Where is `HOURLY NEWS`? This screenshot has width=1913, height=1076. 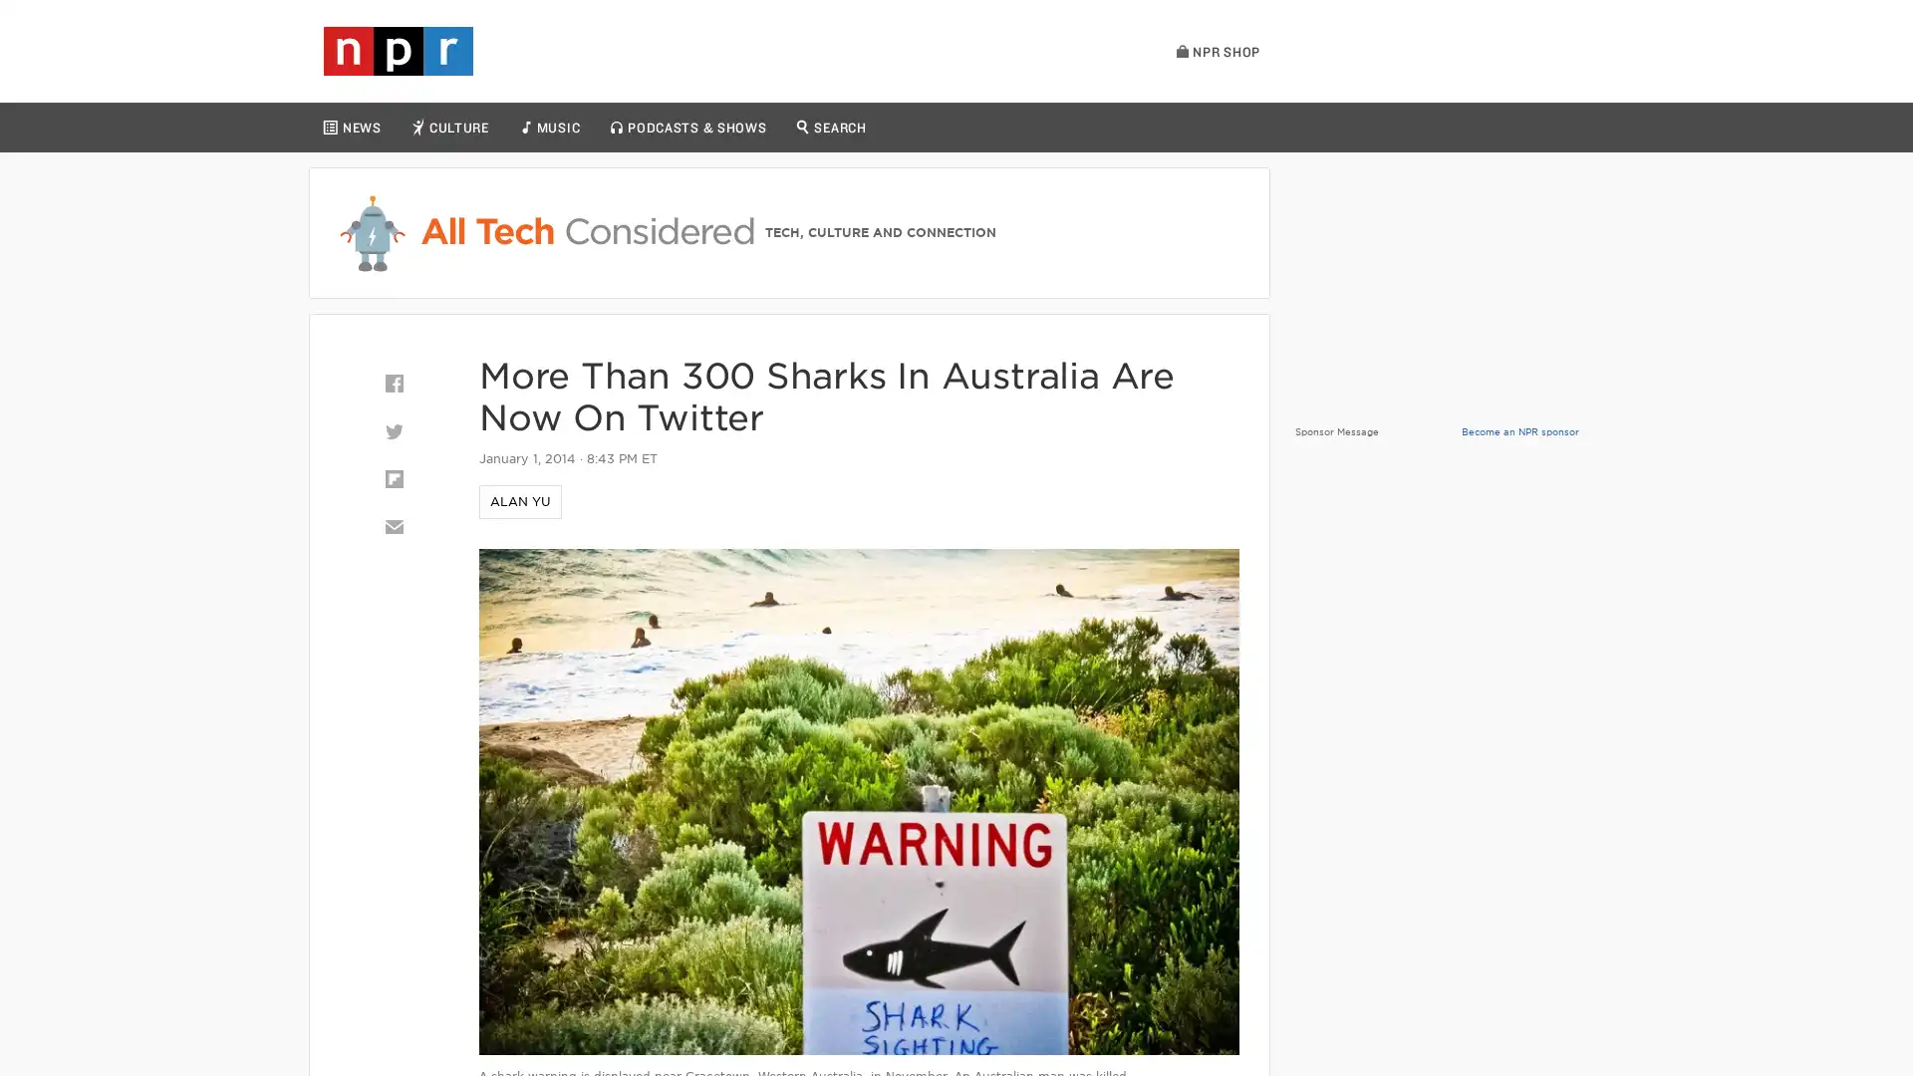 HOURLY NEWS is located at coordinates (1347, 128).